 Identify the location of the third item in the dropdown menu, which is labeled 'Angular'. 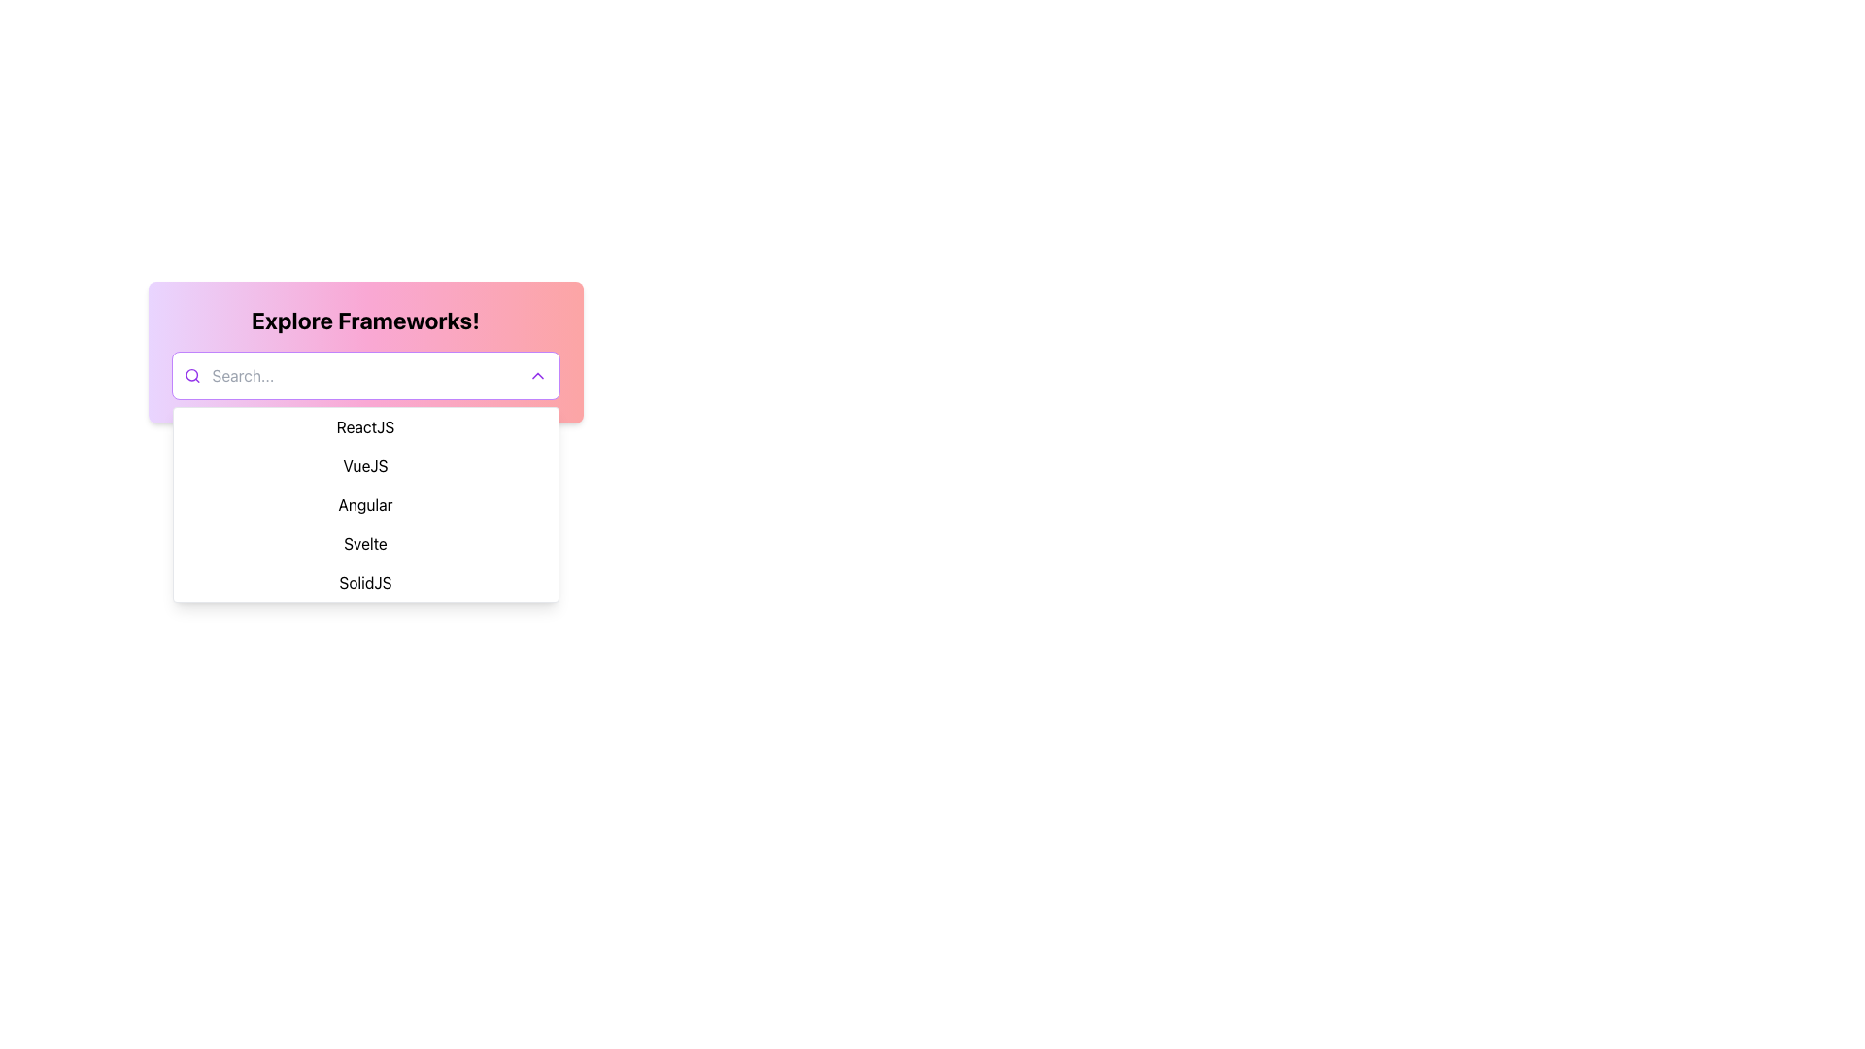
(365, 504).